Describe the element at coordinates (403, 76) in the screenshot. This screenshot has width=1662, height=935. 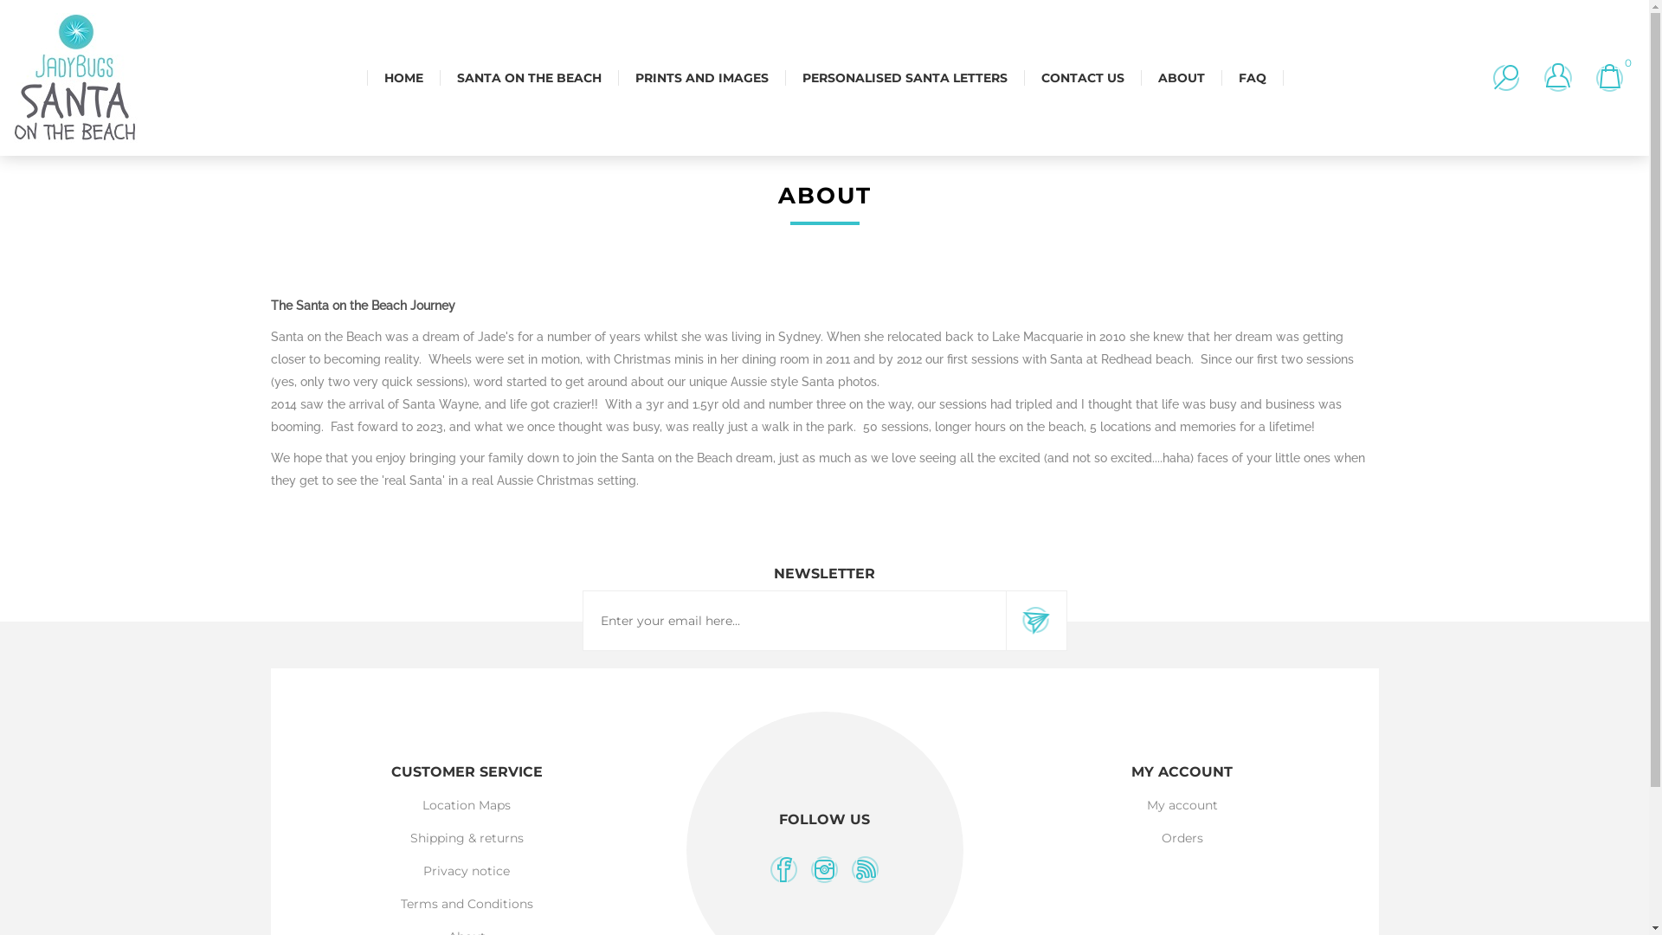
I see `'HOME'` at that location.